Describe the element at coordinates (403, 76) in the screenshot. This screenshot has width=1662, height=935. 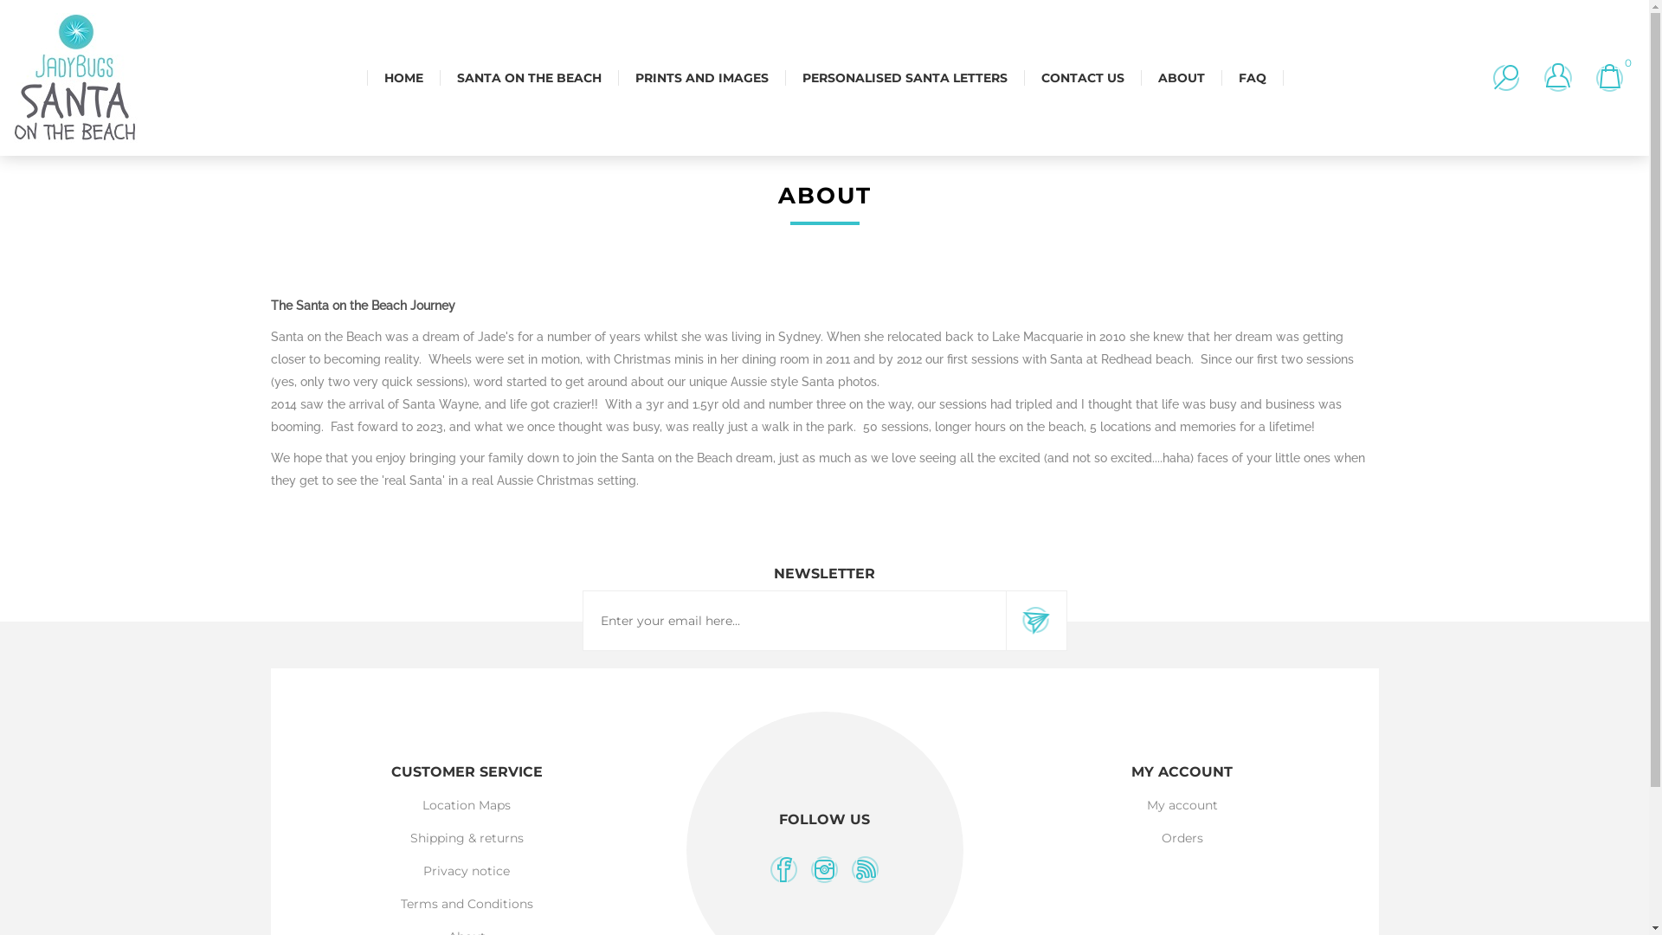
I see `'HOME'` at that location.